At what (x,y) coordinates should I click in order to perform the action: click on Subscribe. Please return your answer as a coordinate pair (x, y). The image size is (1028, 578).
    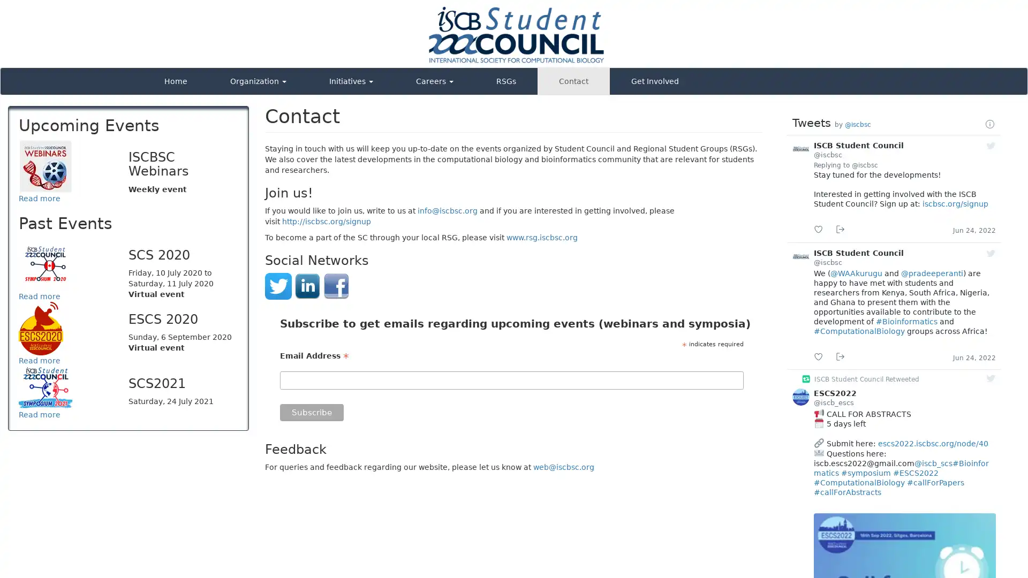
    Looking at the image, I should click on (311, 412).